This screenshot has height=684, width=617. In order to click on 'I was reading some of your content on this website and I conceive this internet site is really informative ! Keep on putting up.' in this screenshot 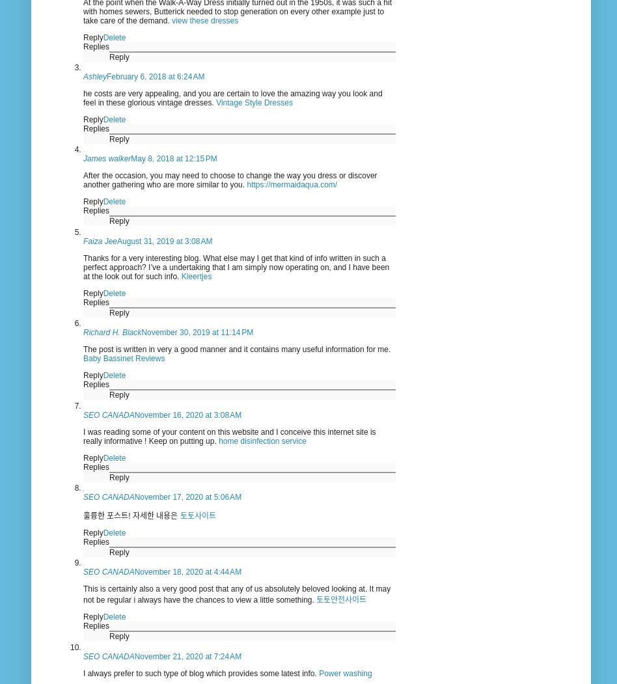, I will do `click(82, 436)`.